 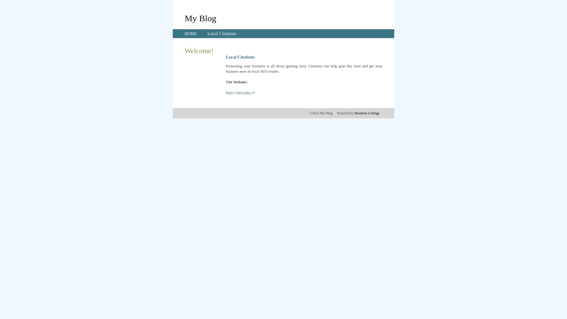 I want to click on 'Business Listings', so click(x=367, y=113).